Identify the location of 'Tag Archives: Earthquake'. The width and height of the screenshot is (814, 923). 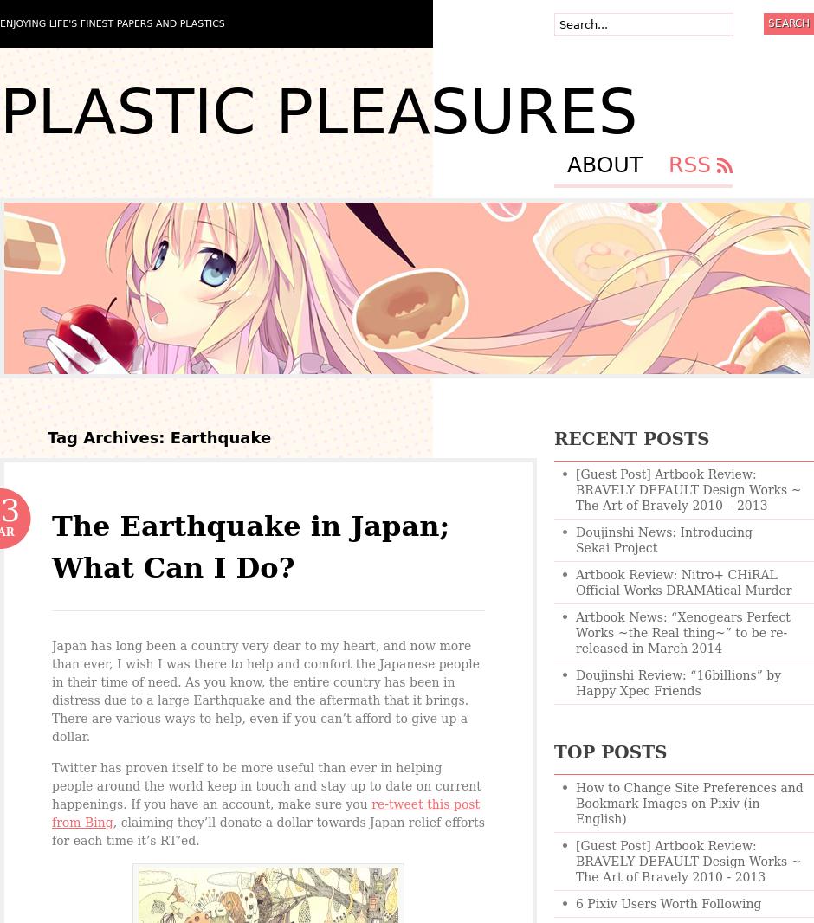
(158, 437).